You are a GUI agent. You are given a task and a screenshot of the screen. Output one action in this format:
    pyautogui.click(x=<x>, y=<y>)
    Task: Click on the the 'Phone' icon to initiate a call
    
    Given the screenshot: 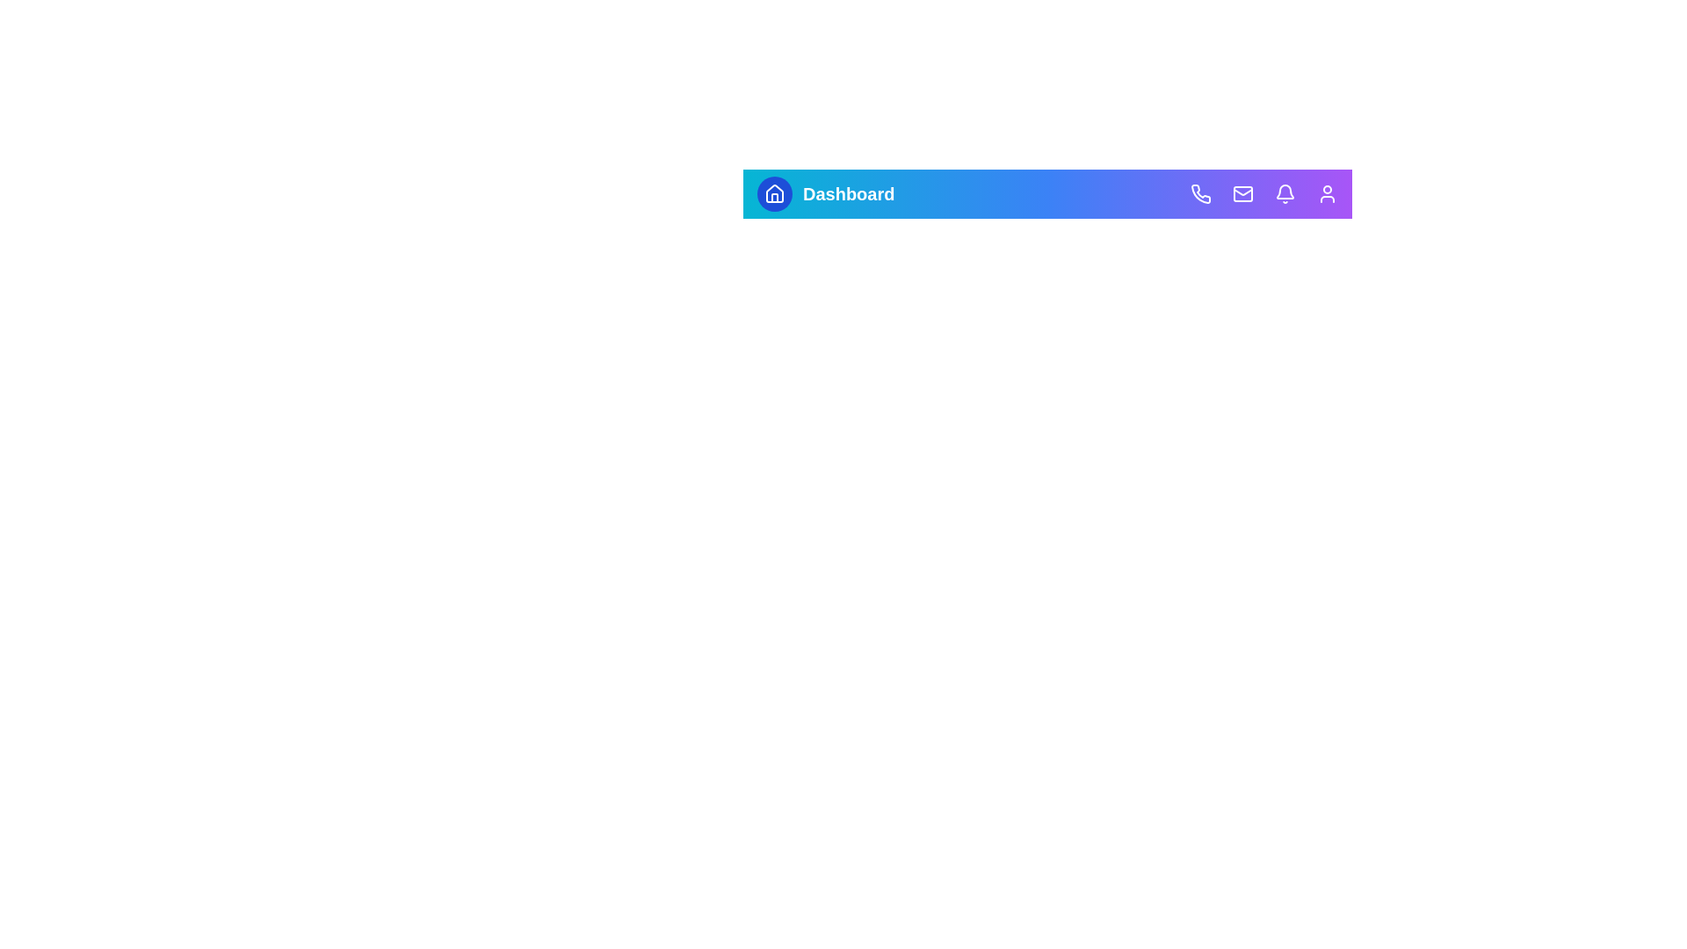 What is the action you would take?
    pyautogui.click(x=1200, y=193)
    